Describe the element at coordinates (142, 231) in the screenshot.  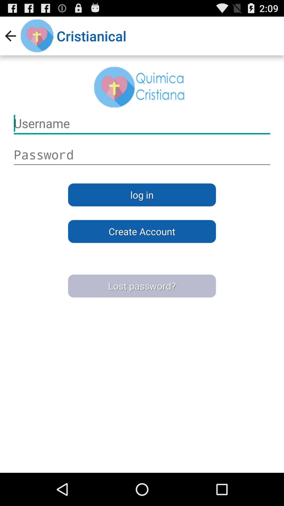
I see `create account item` at that location.